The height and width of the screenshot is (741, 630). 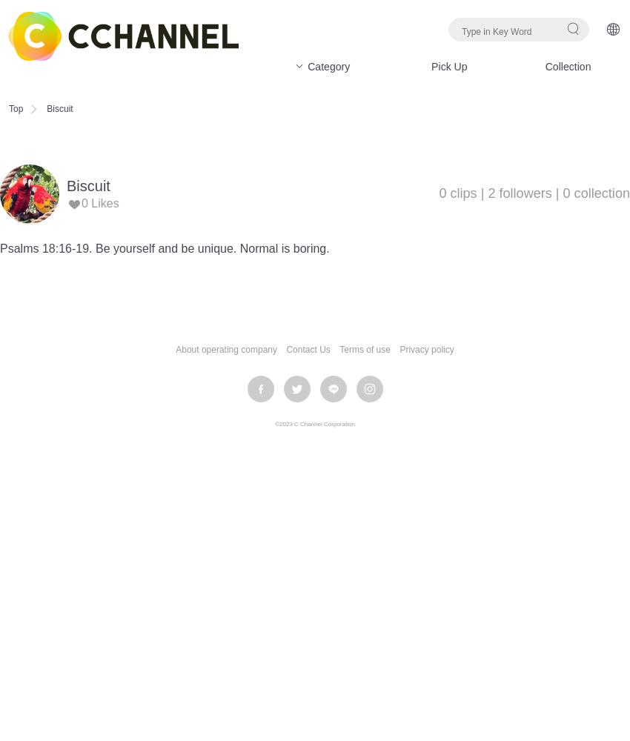 I want to click on 'Top', so click(x=15, y=109).